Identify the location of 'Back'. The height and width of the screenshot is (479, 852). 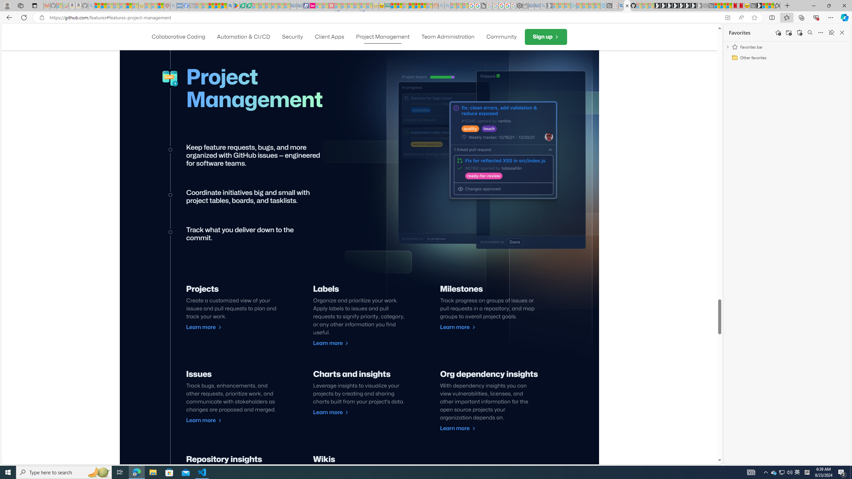
(8, 17).